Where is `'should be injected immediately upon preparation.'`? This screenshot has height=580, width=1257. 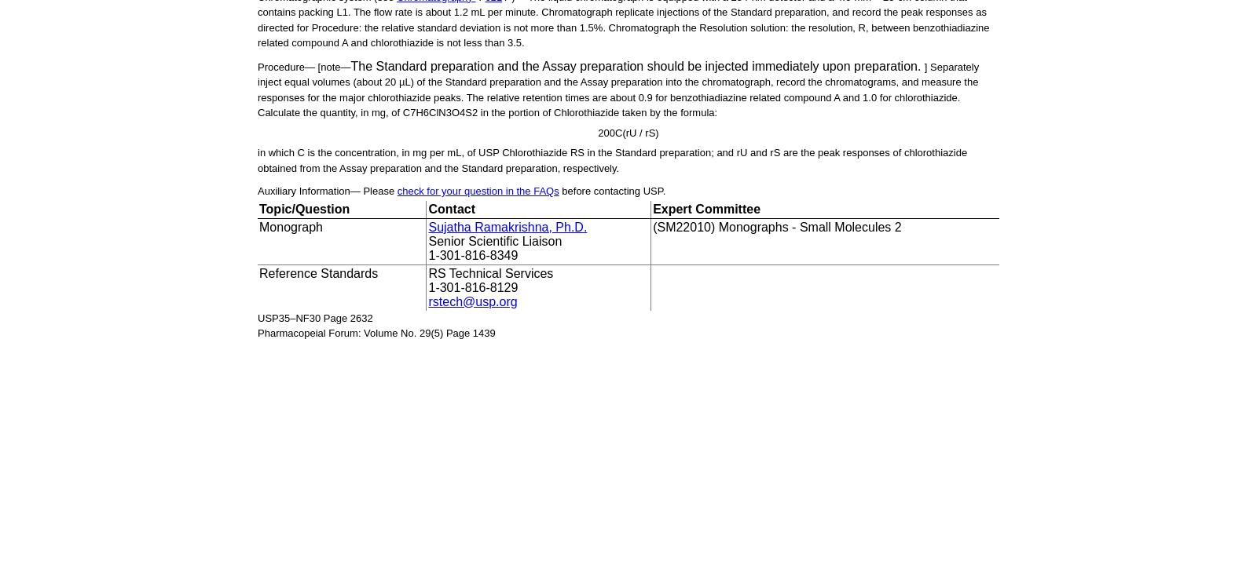
'should be injected immediately upon preparation.' is located at coordinates (784, 64).